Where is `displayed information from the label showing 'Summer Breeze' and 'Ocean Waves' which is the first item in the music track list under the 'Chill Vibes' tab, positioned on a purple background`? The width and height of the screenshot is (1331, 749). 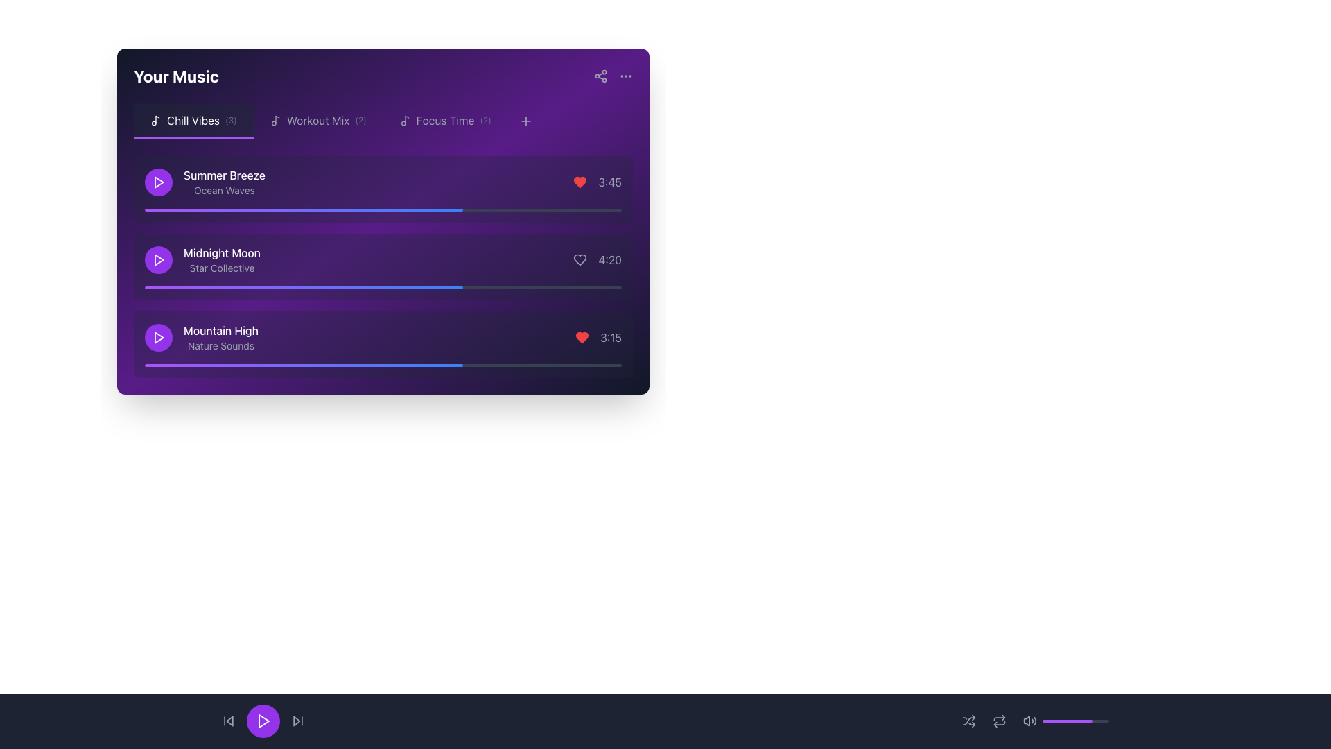
displayed information from the label showing 'Summer Breeze' and 'Ocean Waves' which is the first item in the music track list under the 'Chill Vibes' tab, positioned on a purple background is located at coordinates (224, 181).